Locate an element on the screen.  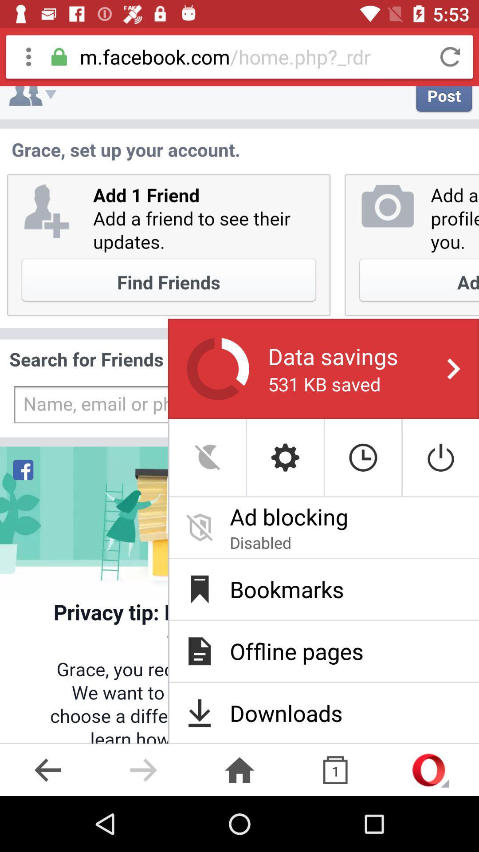
the settings icon is located at coordinates (285, 457).